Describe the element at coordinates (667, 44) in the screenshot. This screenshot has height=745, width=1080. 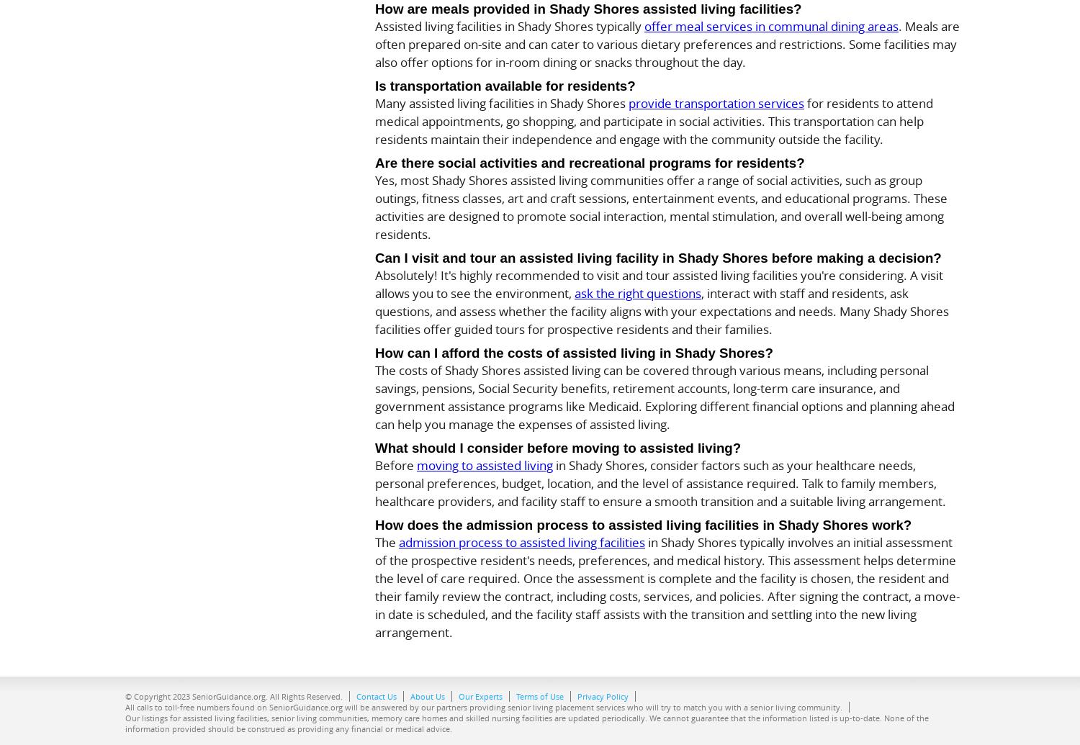
I see `'. Meals are often prepared on-site and can cater to various dietary preferences and restrictions. Some facilities may also offer options for in-room dining or snacks throughout the day.'` at that location.